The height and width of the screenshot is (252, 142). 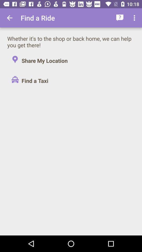 I want to click on the app to the left of the find a ride icon, so click(x=9, y=18).